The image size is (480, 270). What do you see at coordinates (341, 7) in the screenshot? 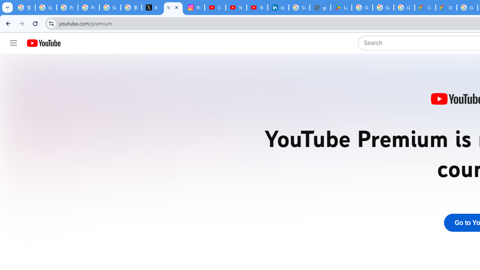
I see `'Last Shelter: Survival - Apps on Google Play'` at bounding box center [341, 7].